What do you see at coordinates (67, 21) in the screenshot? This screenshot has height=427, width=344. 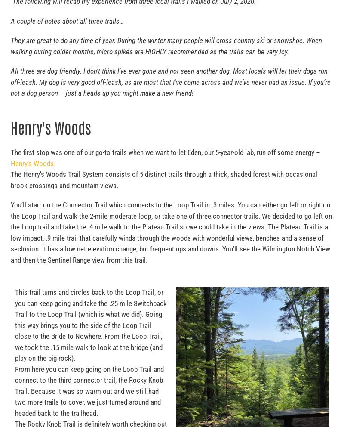 I see `'A couple of notes about all three trails…'` at bounding box center [67, 21].